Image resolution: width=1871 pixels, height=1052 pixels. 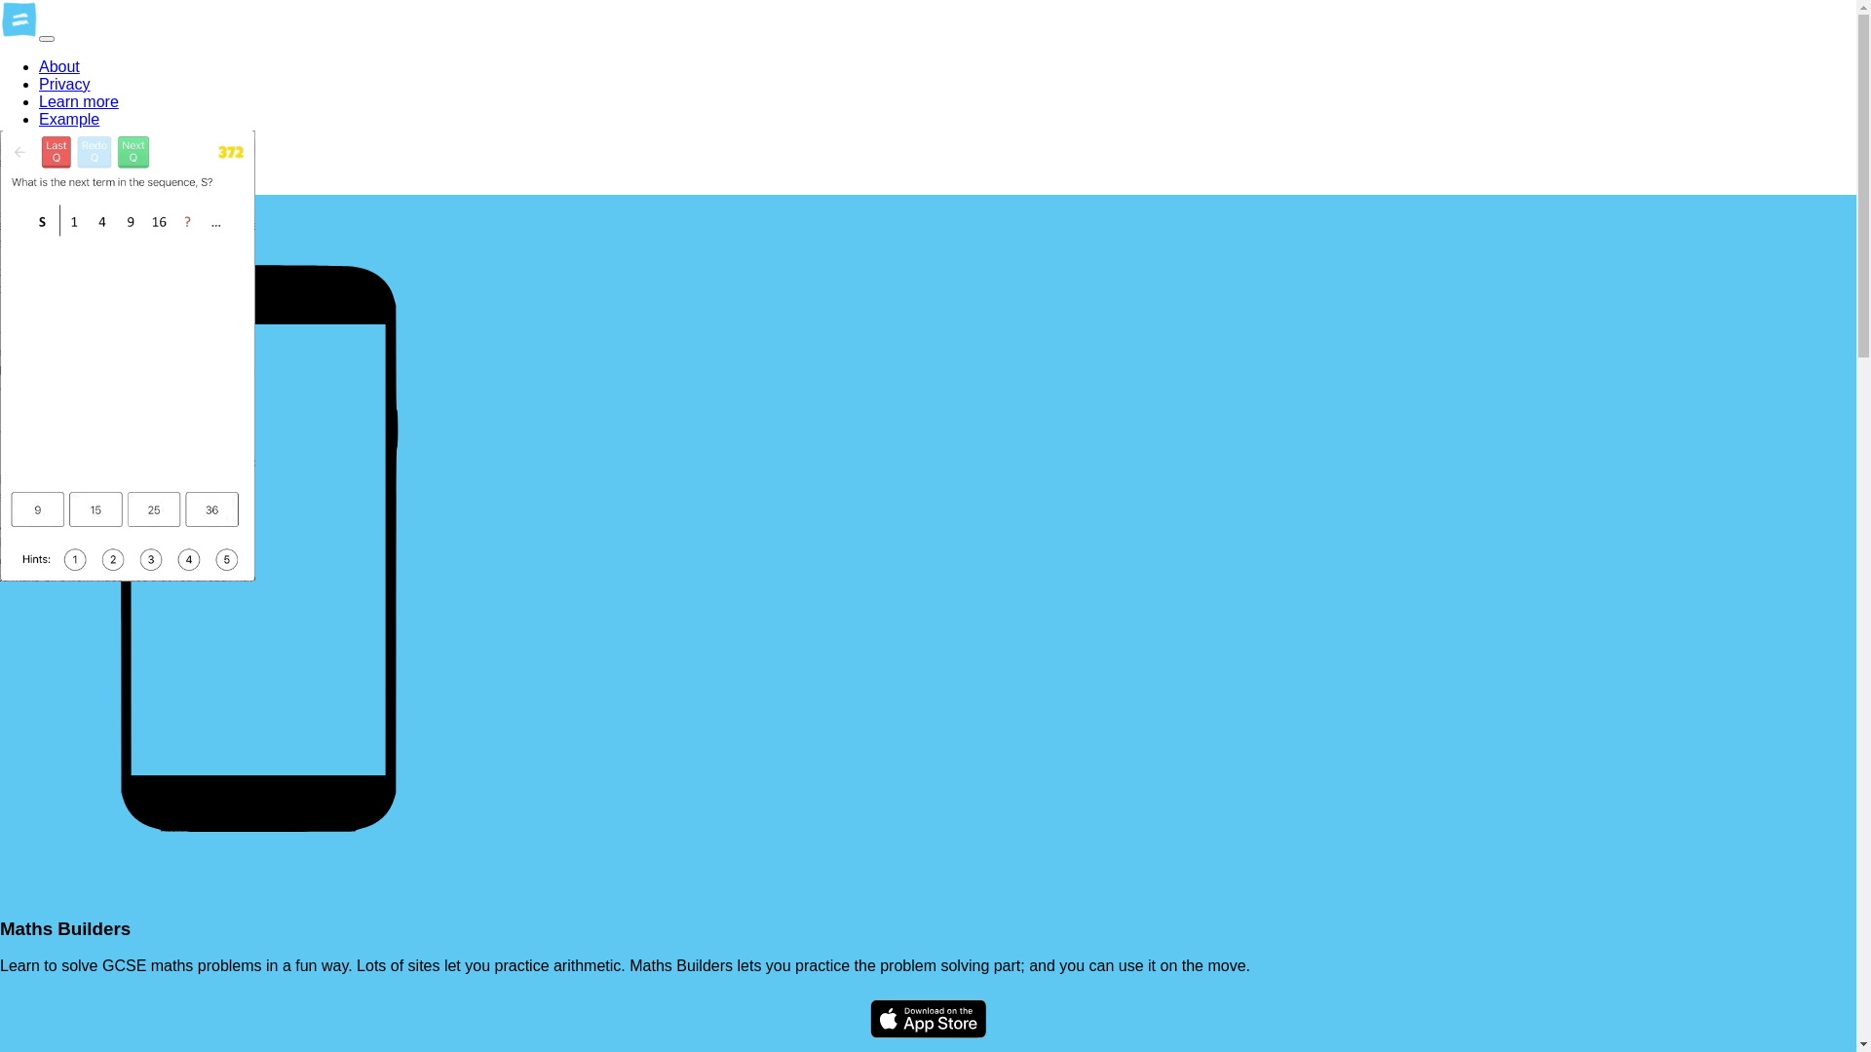 I want to click on 'Privacy', so click(x=64, y=83).